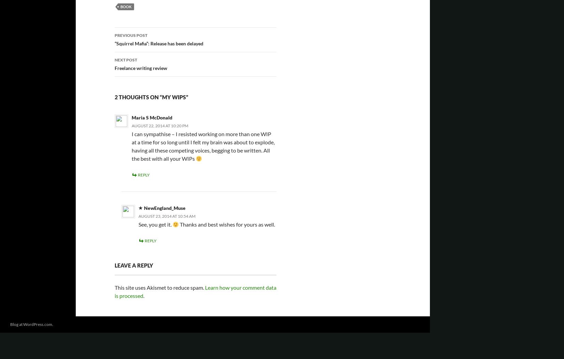 The width and height of the screenshot is (564, 359). I want to click on 'NewEngland_Muse', so click(164, 207).